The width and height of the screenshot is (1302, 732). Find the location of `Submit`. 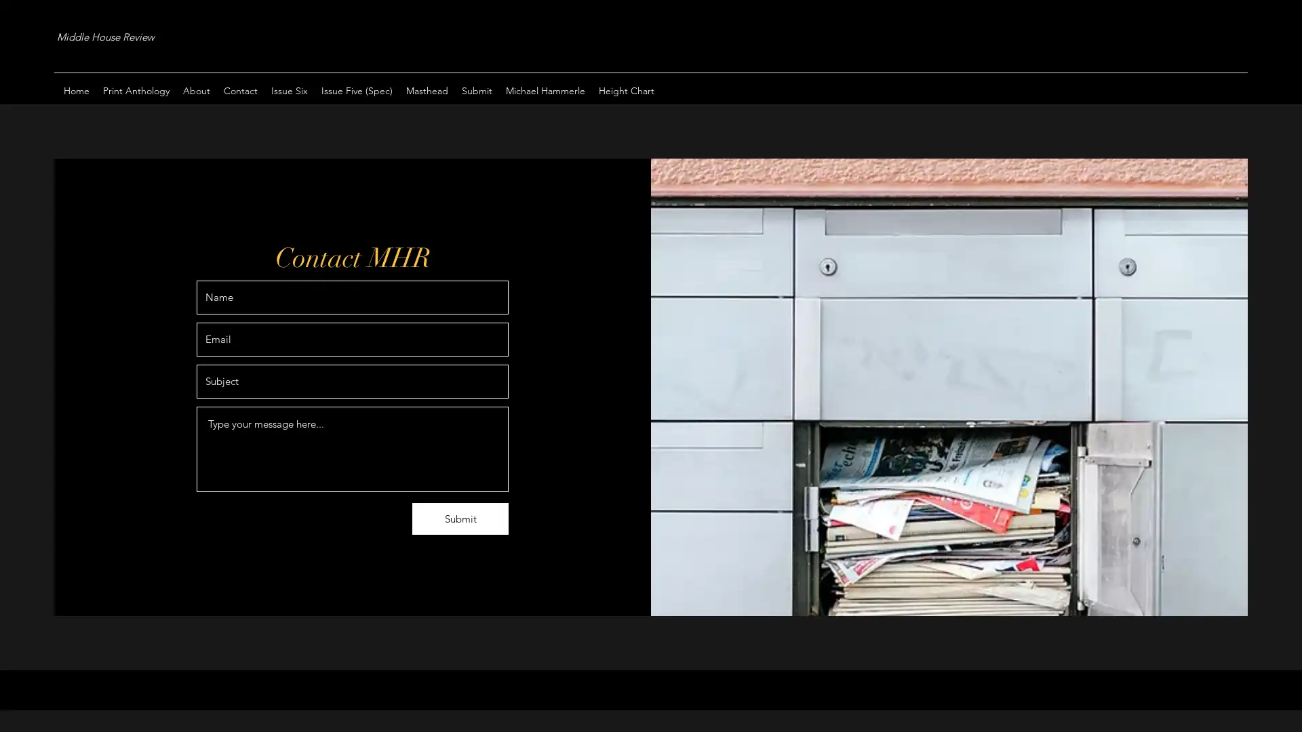

Submit is located at coordinates (460, 518).